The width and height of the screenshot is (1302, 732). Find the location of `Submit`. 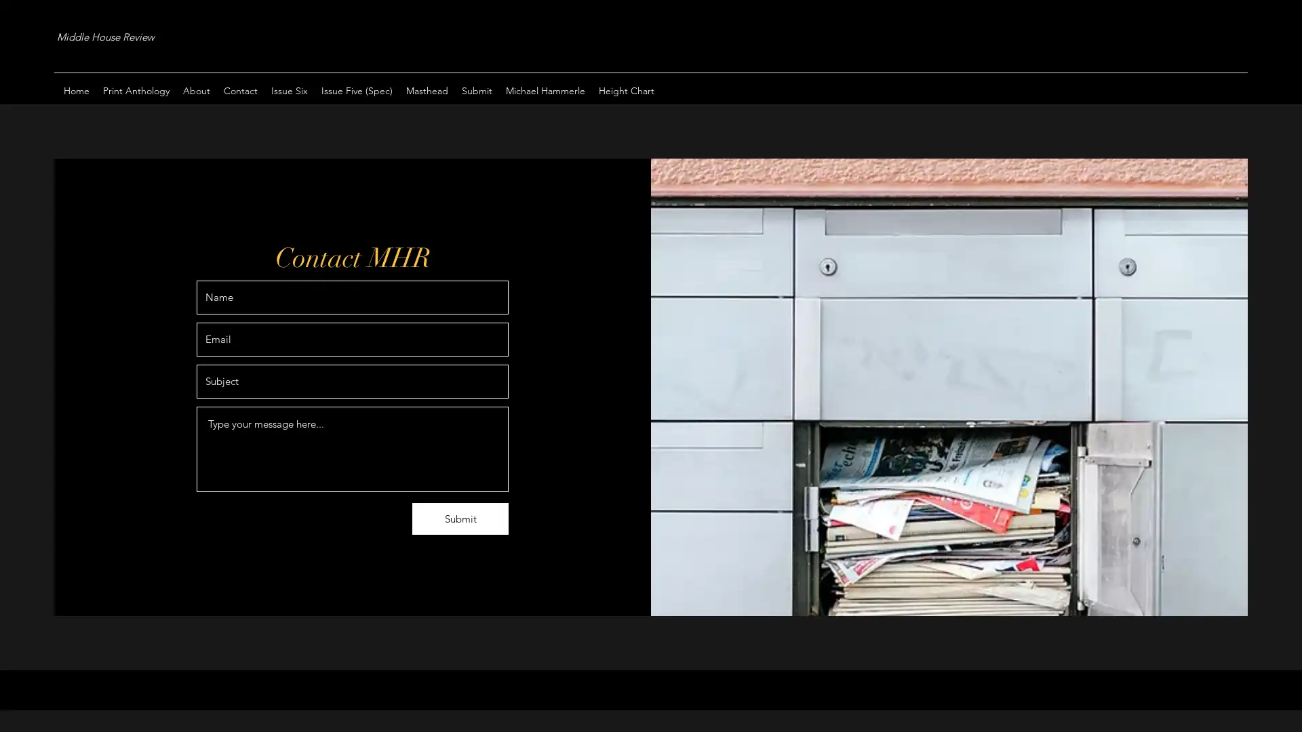

Submit is located at coordinates (460, 518).